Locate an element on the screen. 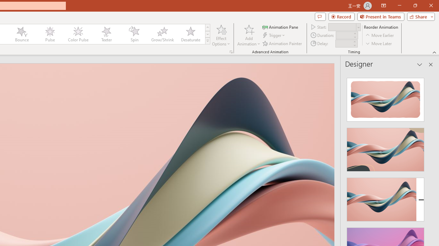 This screenshot has height=246, width=439. 'Pulse' is located at coordinates (49, 34).